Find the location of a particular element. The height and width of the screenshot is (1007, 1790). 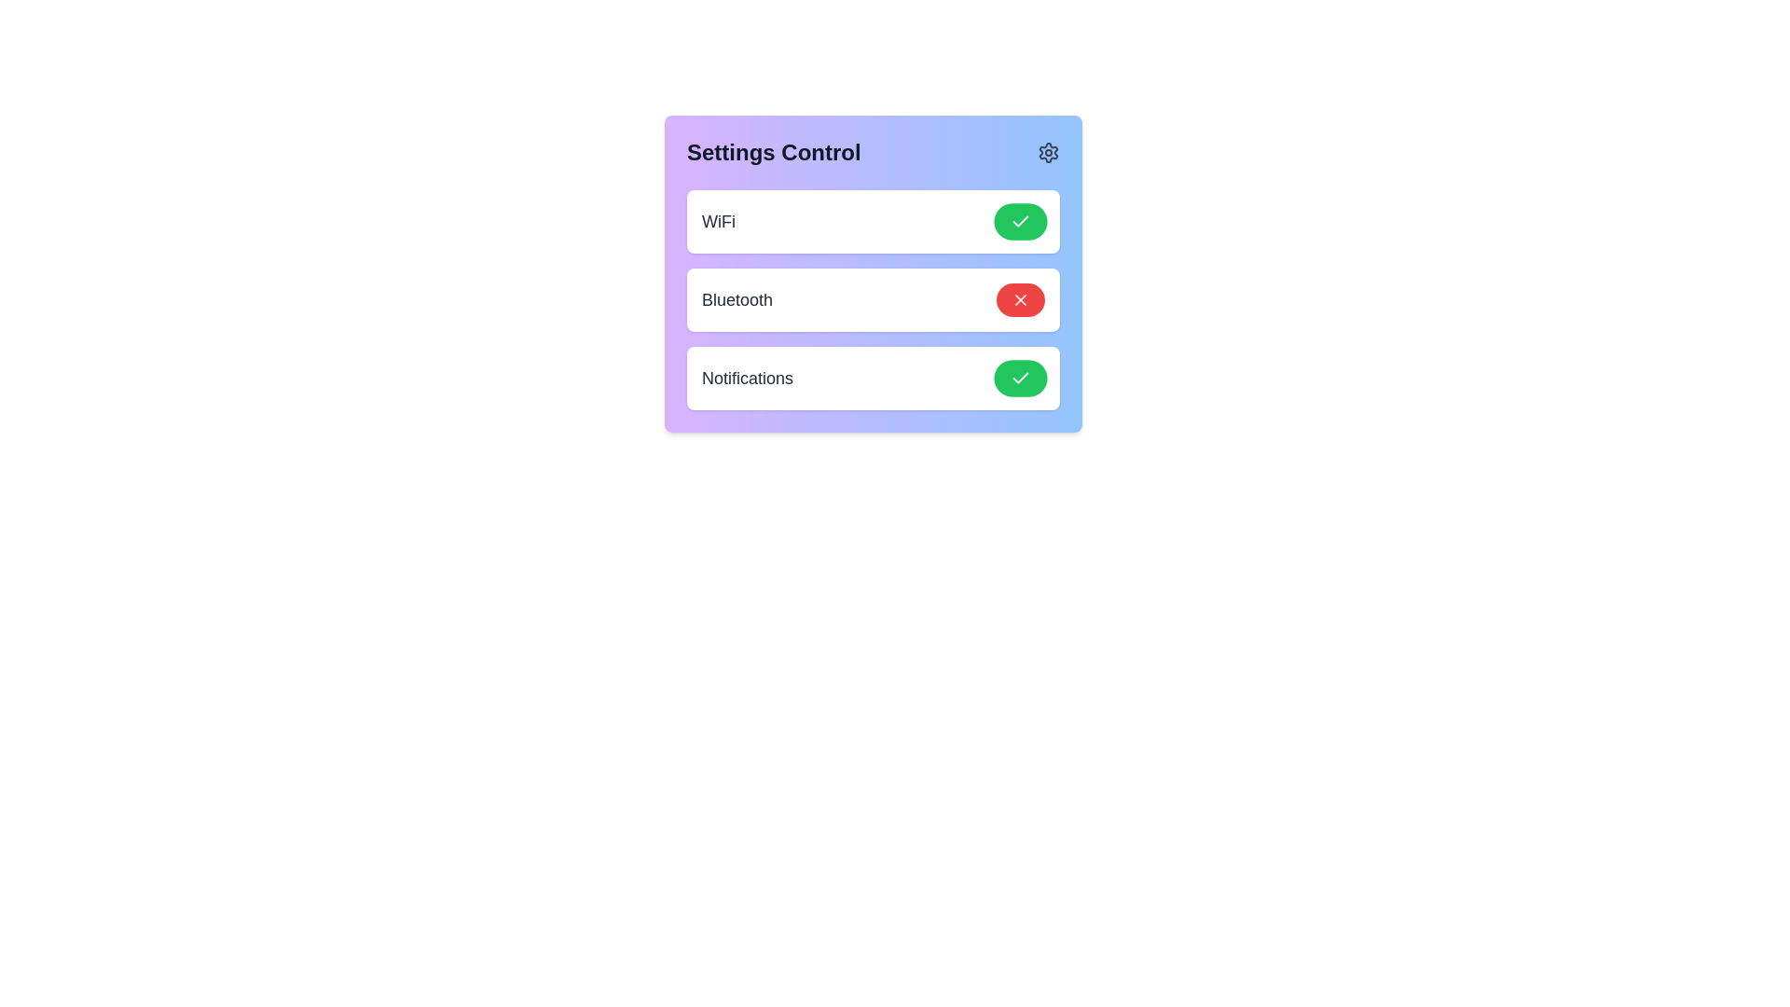

the text element WiFi is located at coordinates (718, 221).